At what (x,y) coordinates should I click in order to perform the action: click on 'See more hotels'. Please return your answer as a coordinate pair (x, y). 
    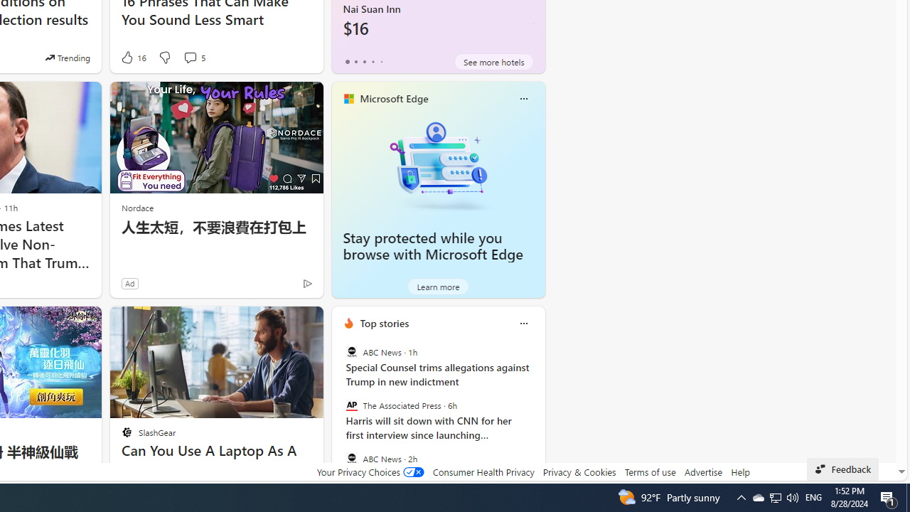
    Looking at the image, I should click on (494, 61).